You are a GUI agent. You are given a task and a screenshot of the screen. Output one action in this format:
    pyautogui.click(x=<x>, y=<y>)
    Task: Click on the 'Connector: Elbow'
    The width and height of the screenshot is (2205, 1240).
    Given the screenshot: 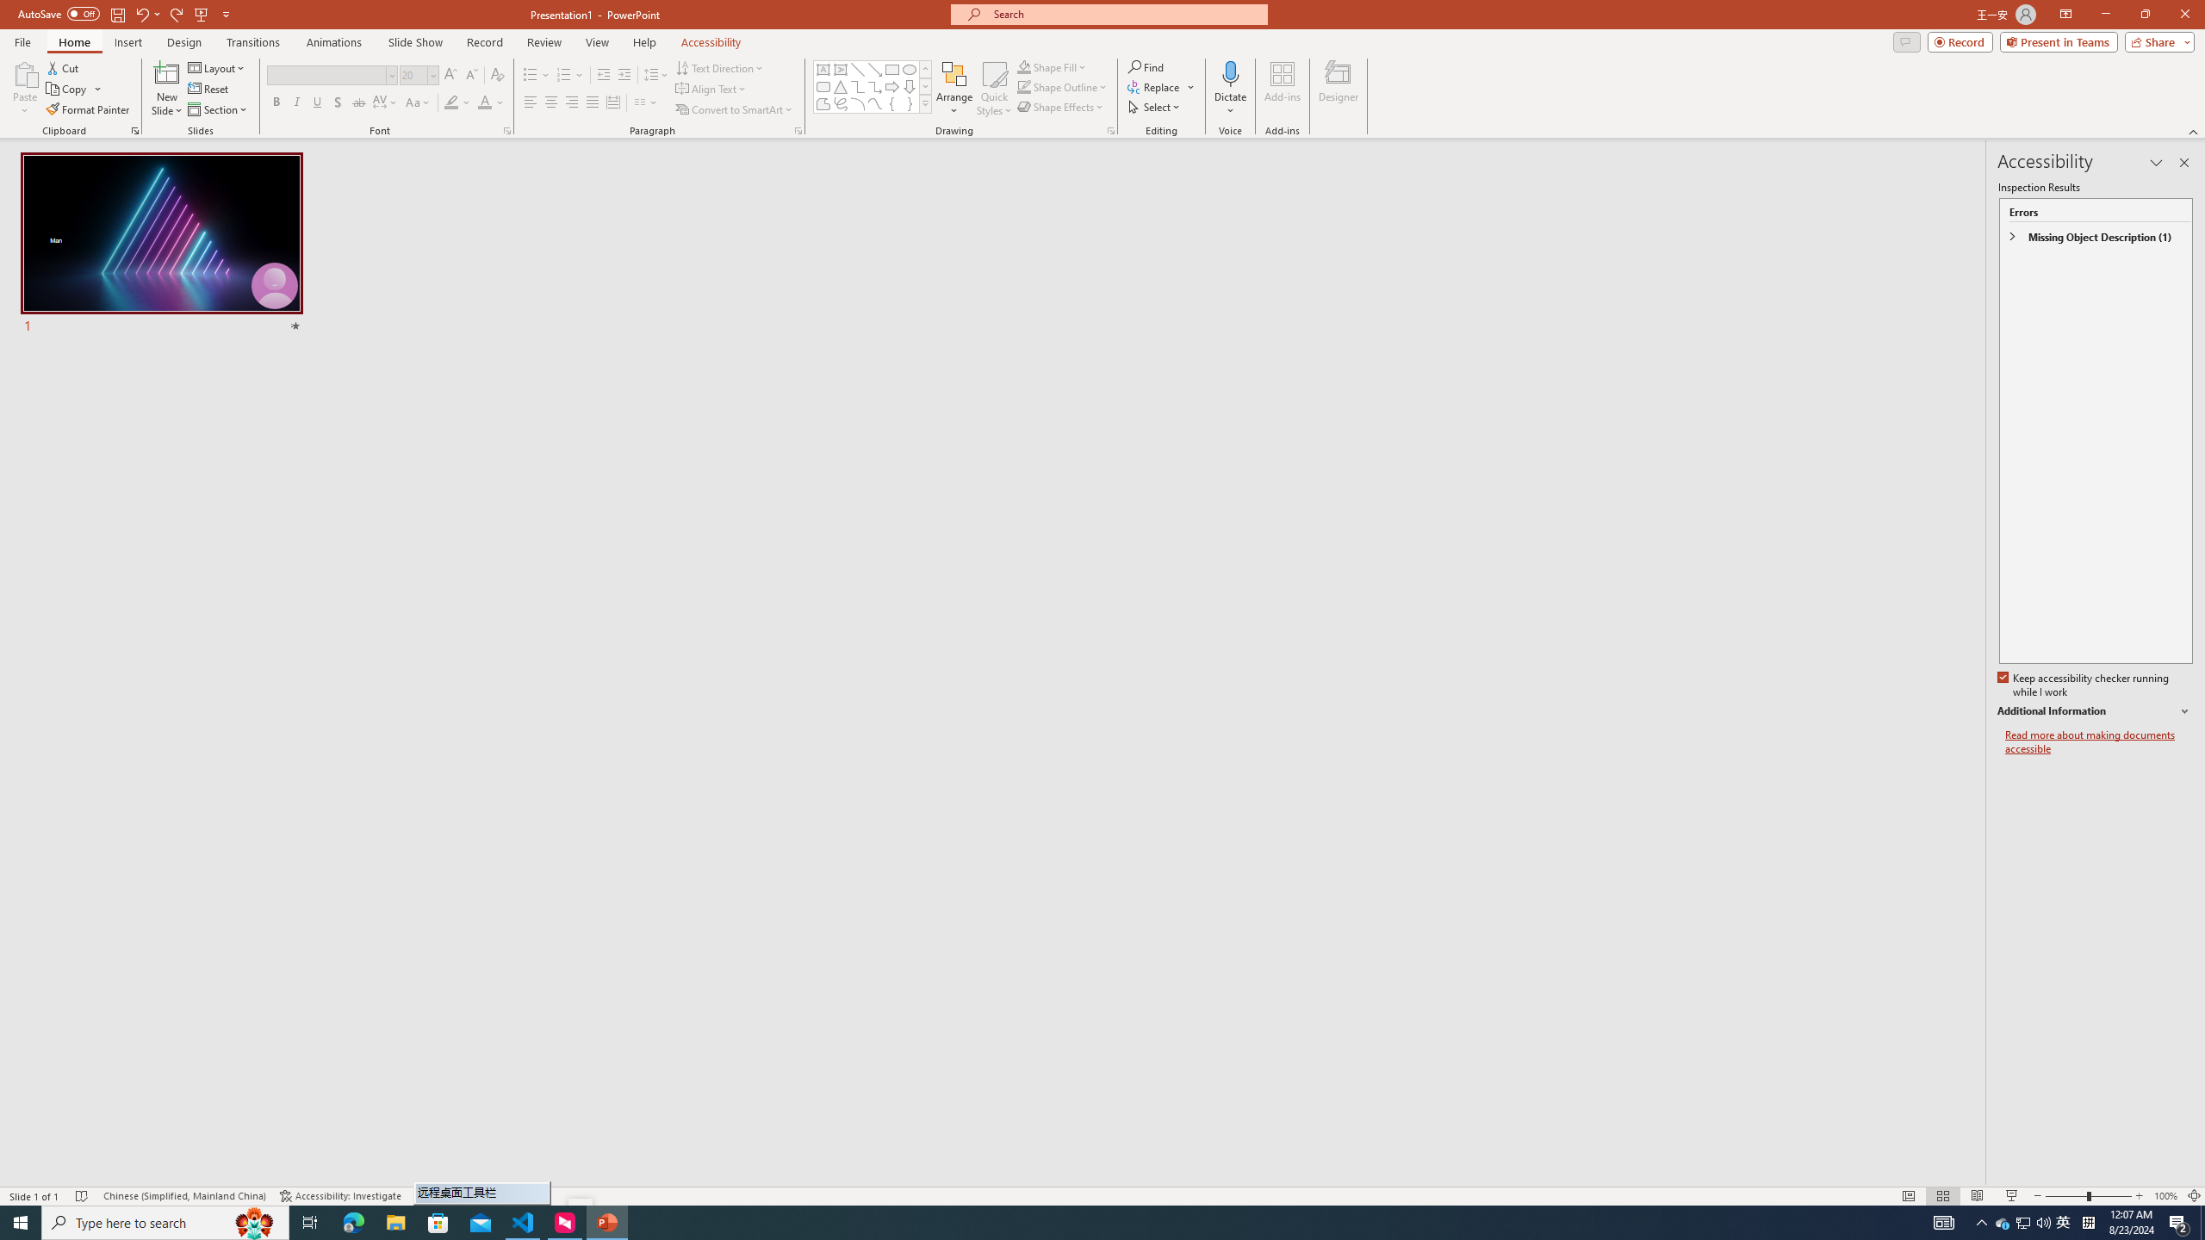 What is the action you would take?
    pyautogui.click(x=856, y=85)
    